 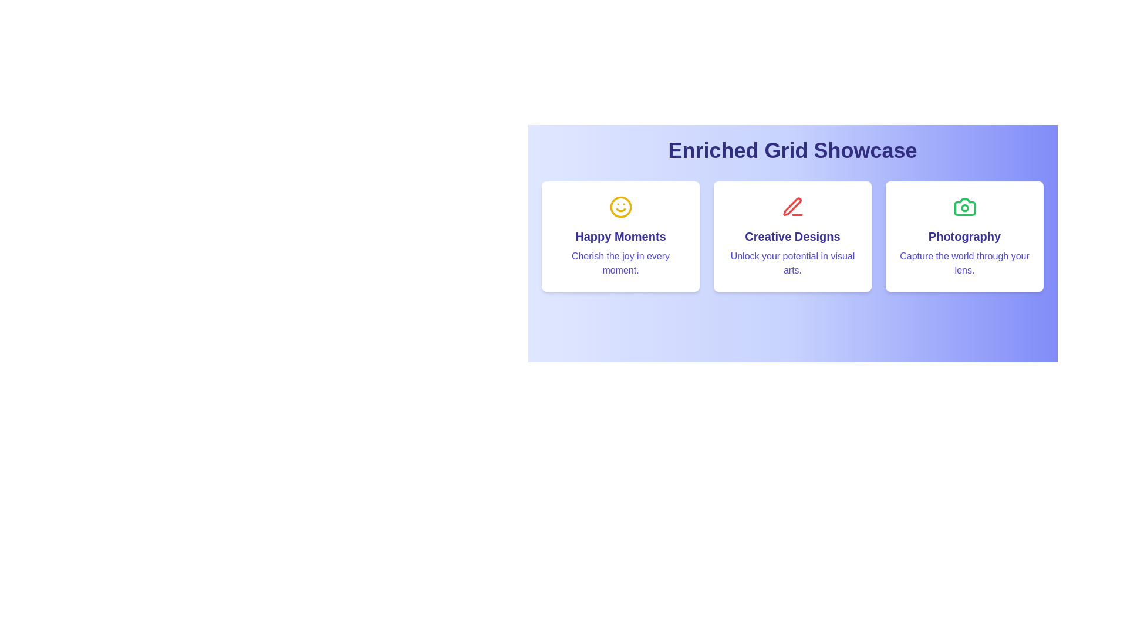 What do you see at coordinates (964, 207) in the screenshot?
I see `the photography icon located at the top of the 'Photography' card in the right-hand column of the grid layout` at bounding box center [964, 207].